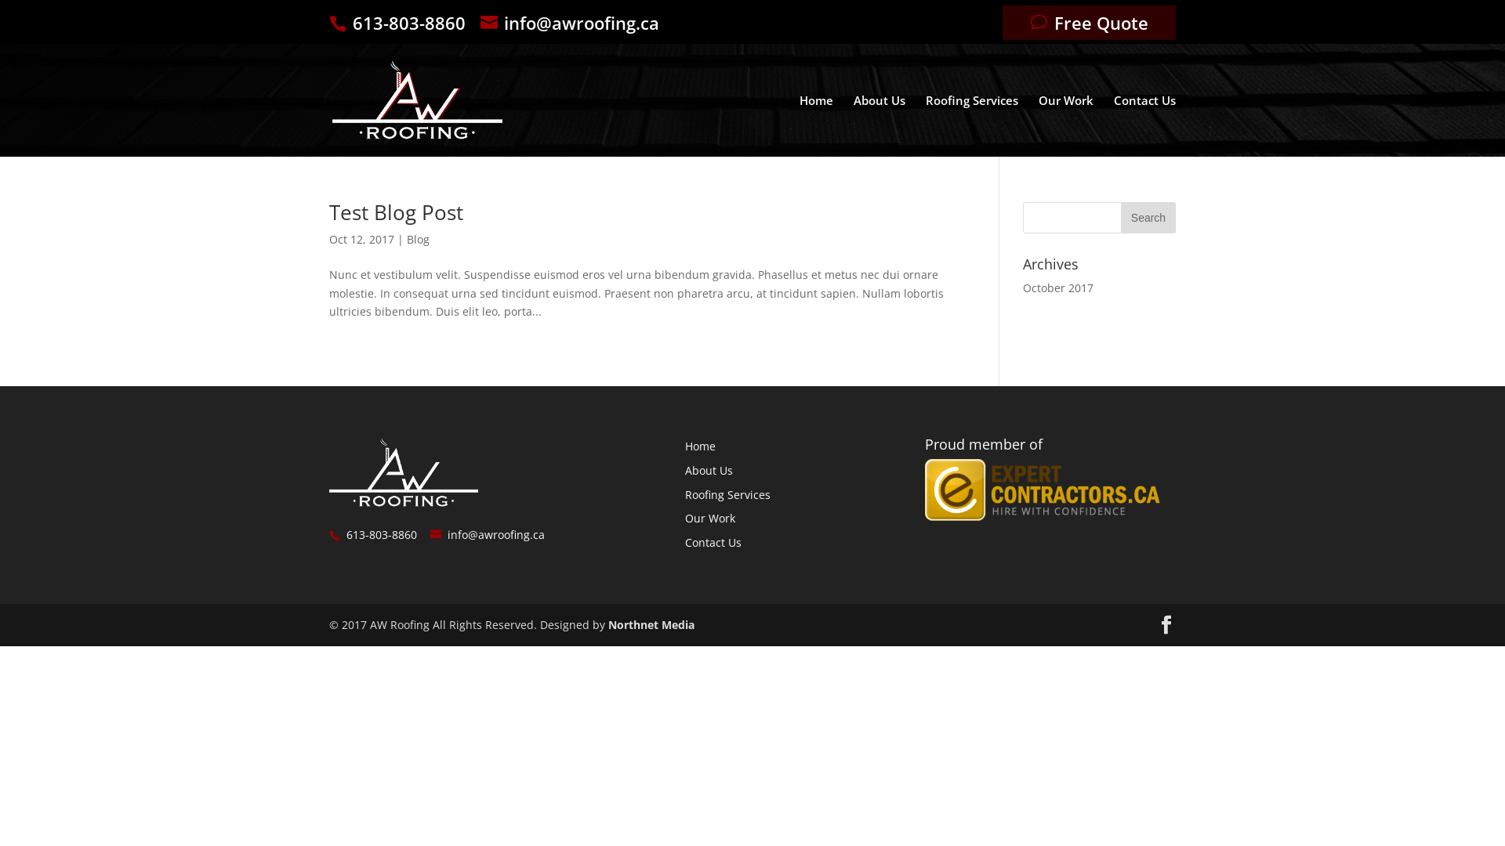  Describe the element at coordinates (396, 211) in the screenshot. I see `'Test Blog Post'` at that location.